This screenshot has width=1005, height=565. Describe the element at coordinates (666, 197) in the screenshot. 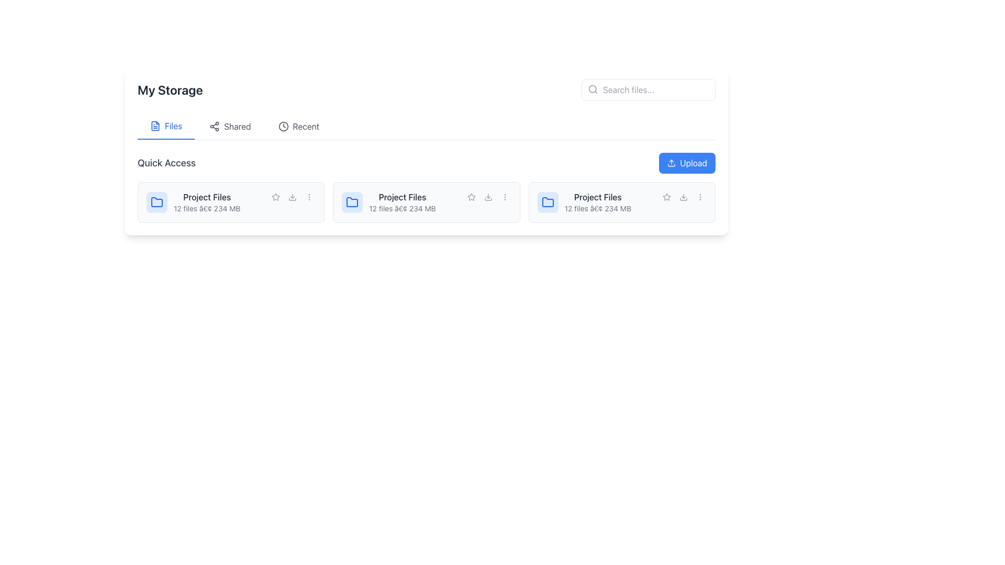

I see `the star icon with a gray outline` at that location.